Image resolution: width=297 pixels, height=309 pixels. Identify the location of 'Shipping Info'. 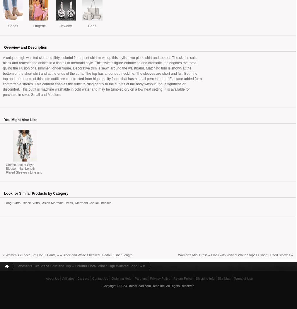
(204, 278).